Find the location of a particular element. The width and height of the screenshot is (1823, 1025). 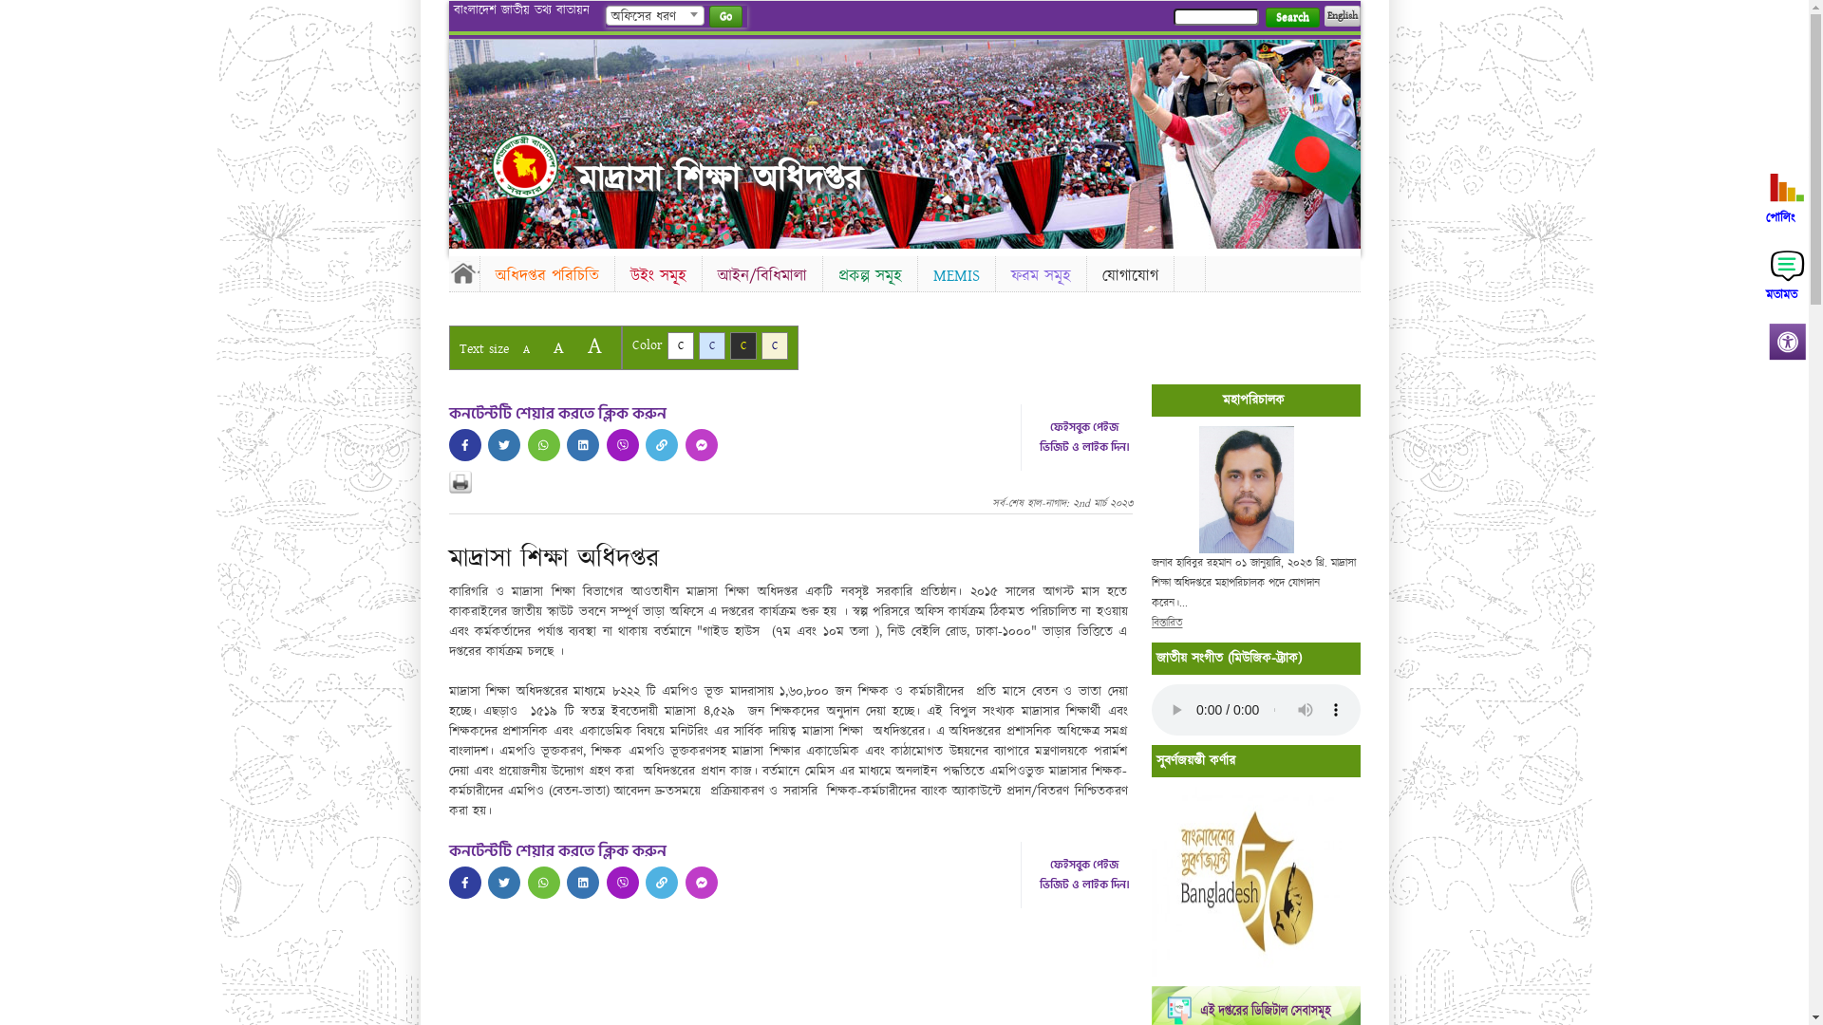

'C' is located at coordinates (775, 345).